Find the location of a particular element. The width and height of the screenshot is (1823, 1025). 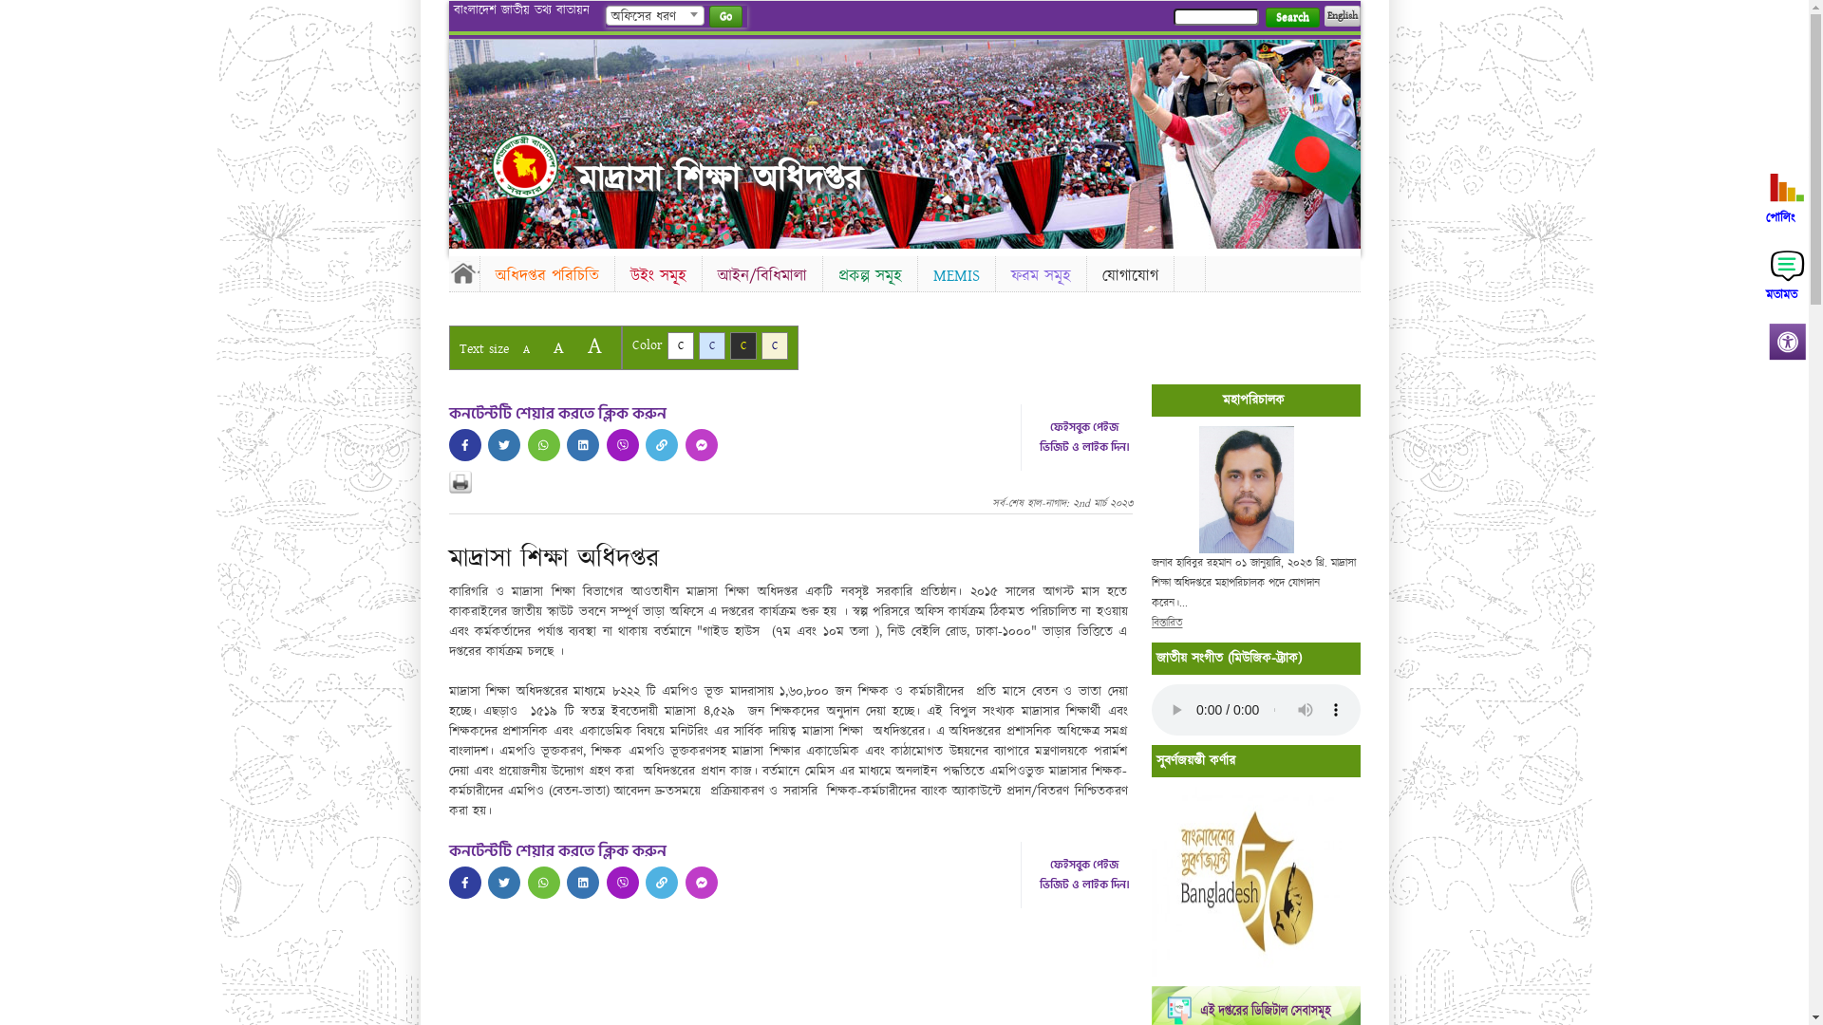

'C' is located at coordinates (775, 345).